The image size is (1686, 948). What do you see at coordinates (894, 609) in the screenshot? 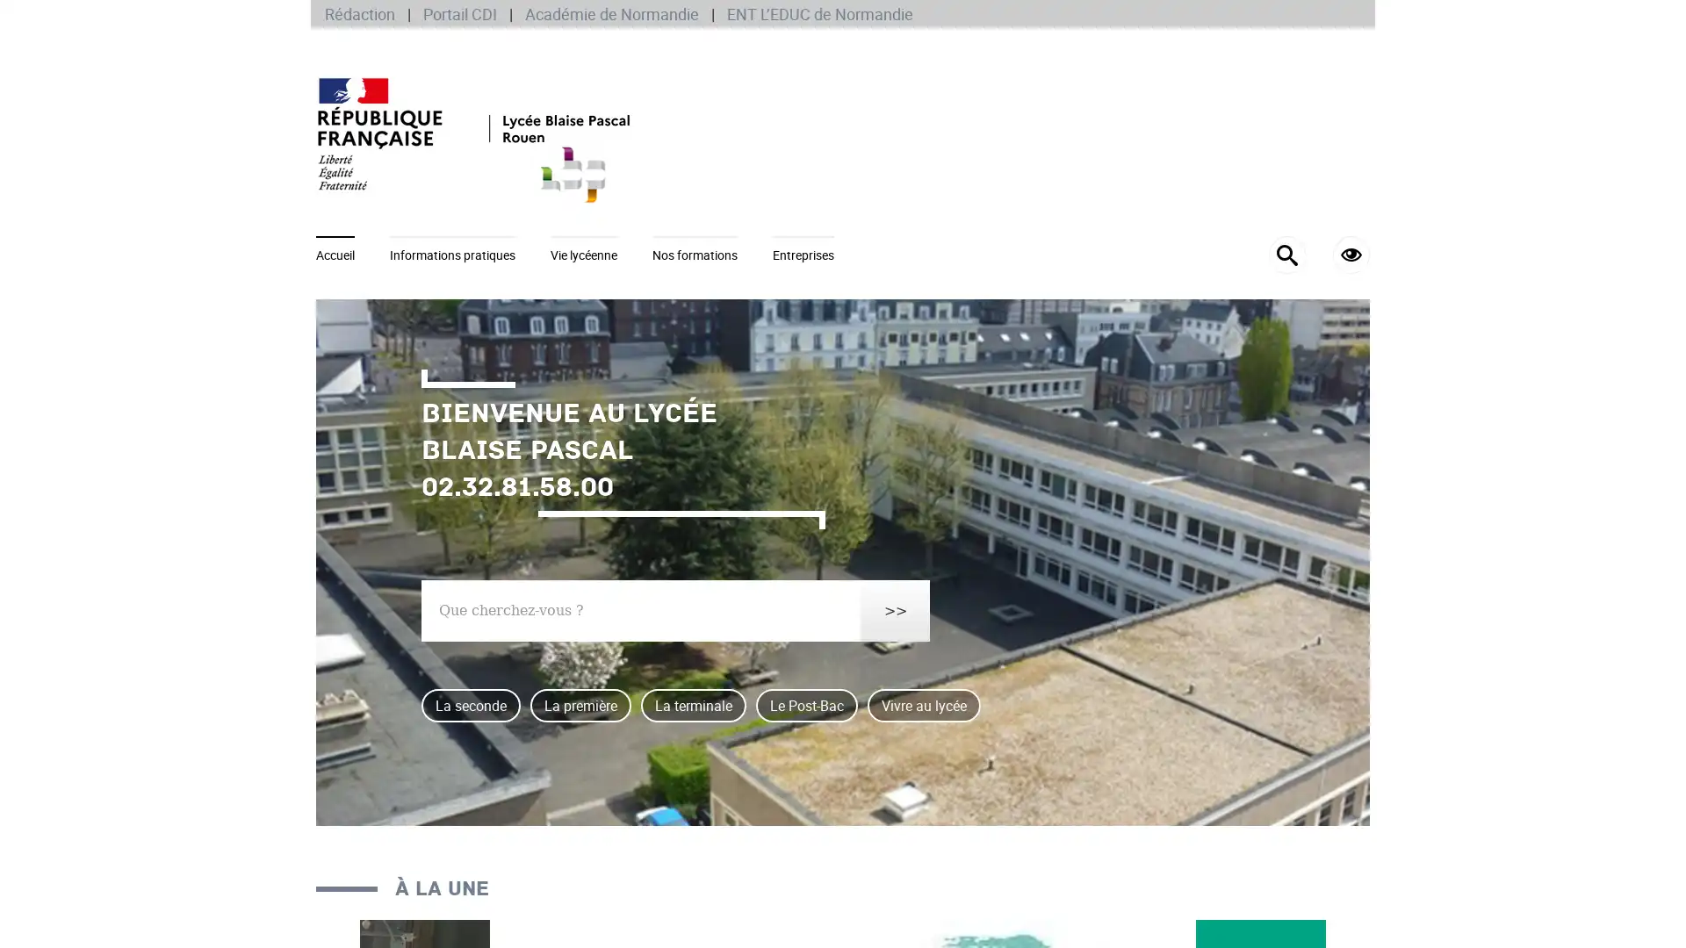
I see `>>` at bounding box center [894, 609].